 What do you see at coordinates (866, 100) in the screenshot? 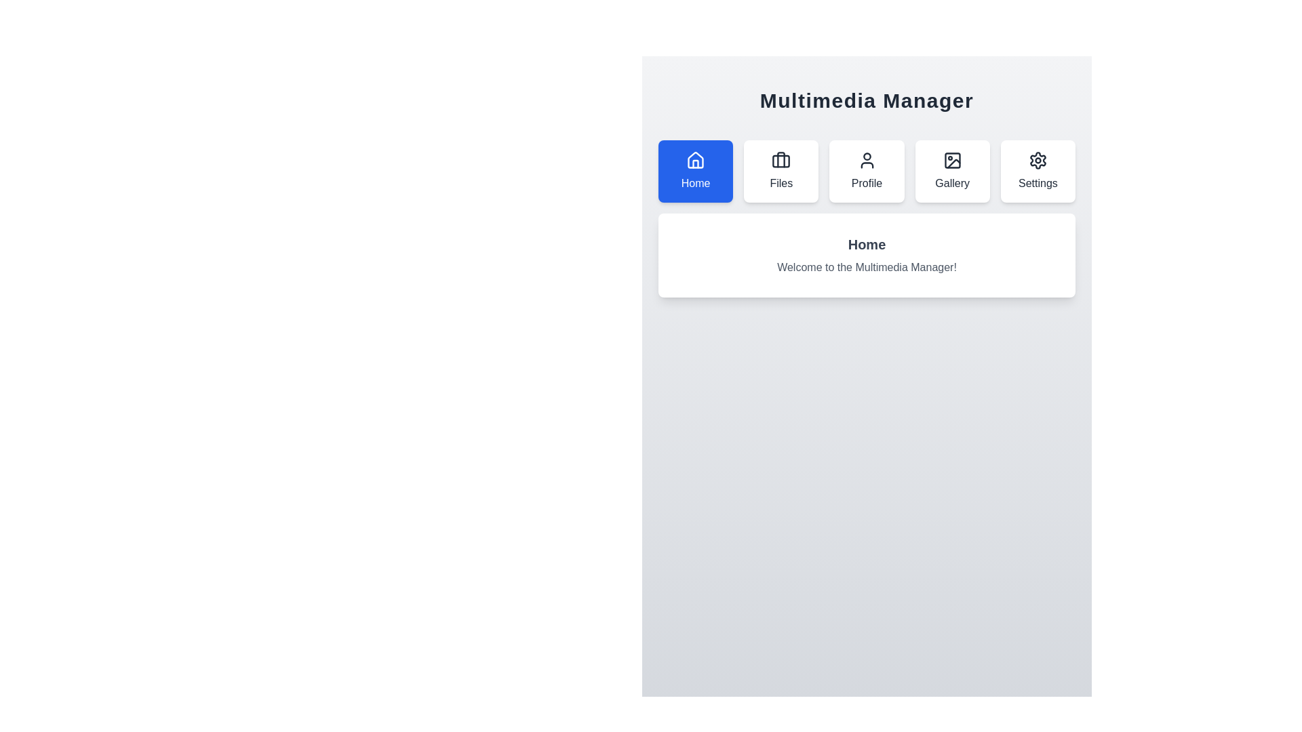
I see `text from the 'Multimedia Manager' label, which is a bold, large text element located at the top center of the interface` at bounding box center [866, 100].